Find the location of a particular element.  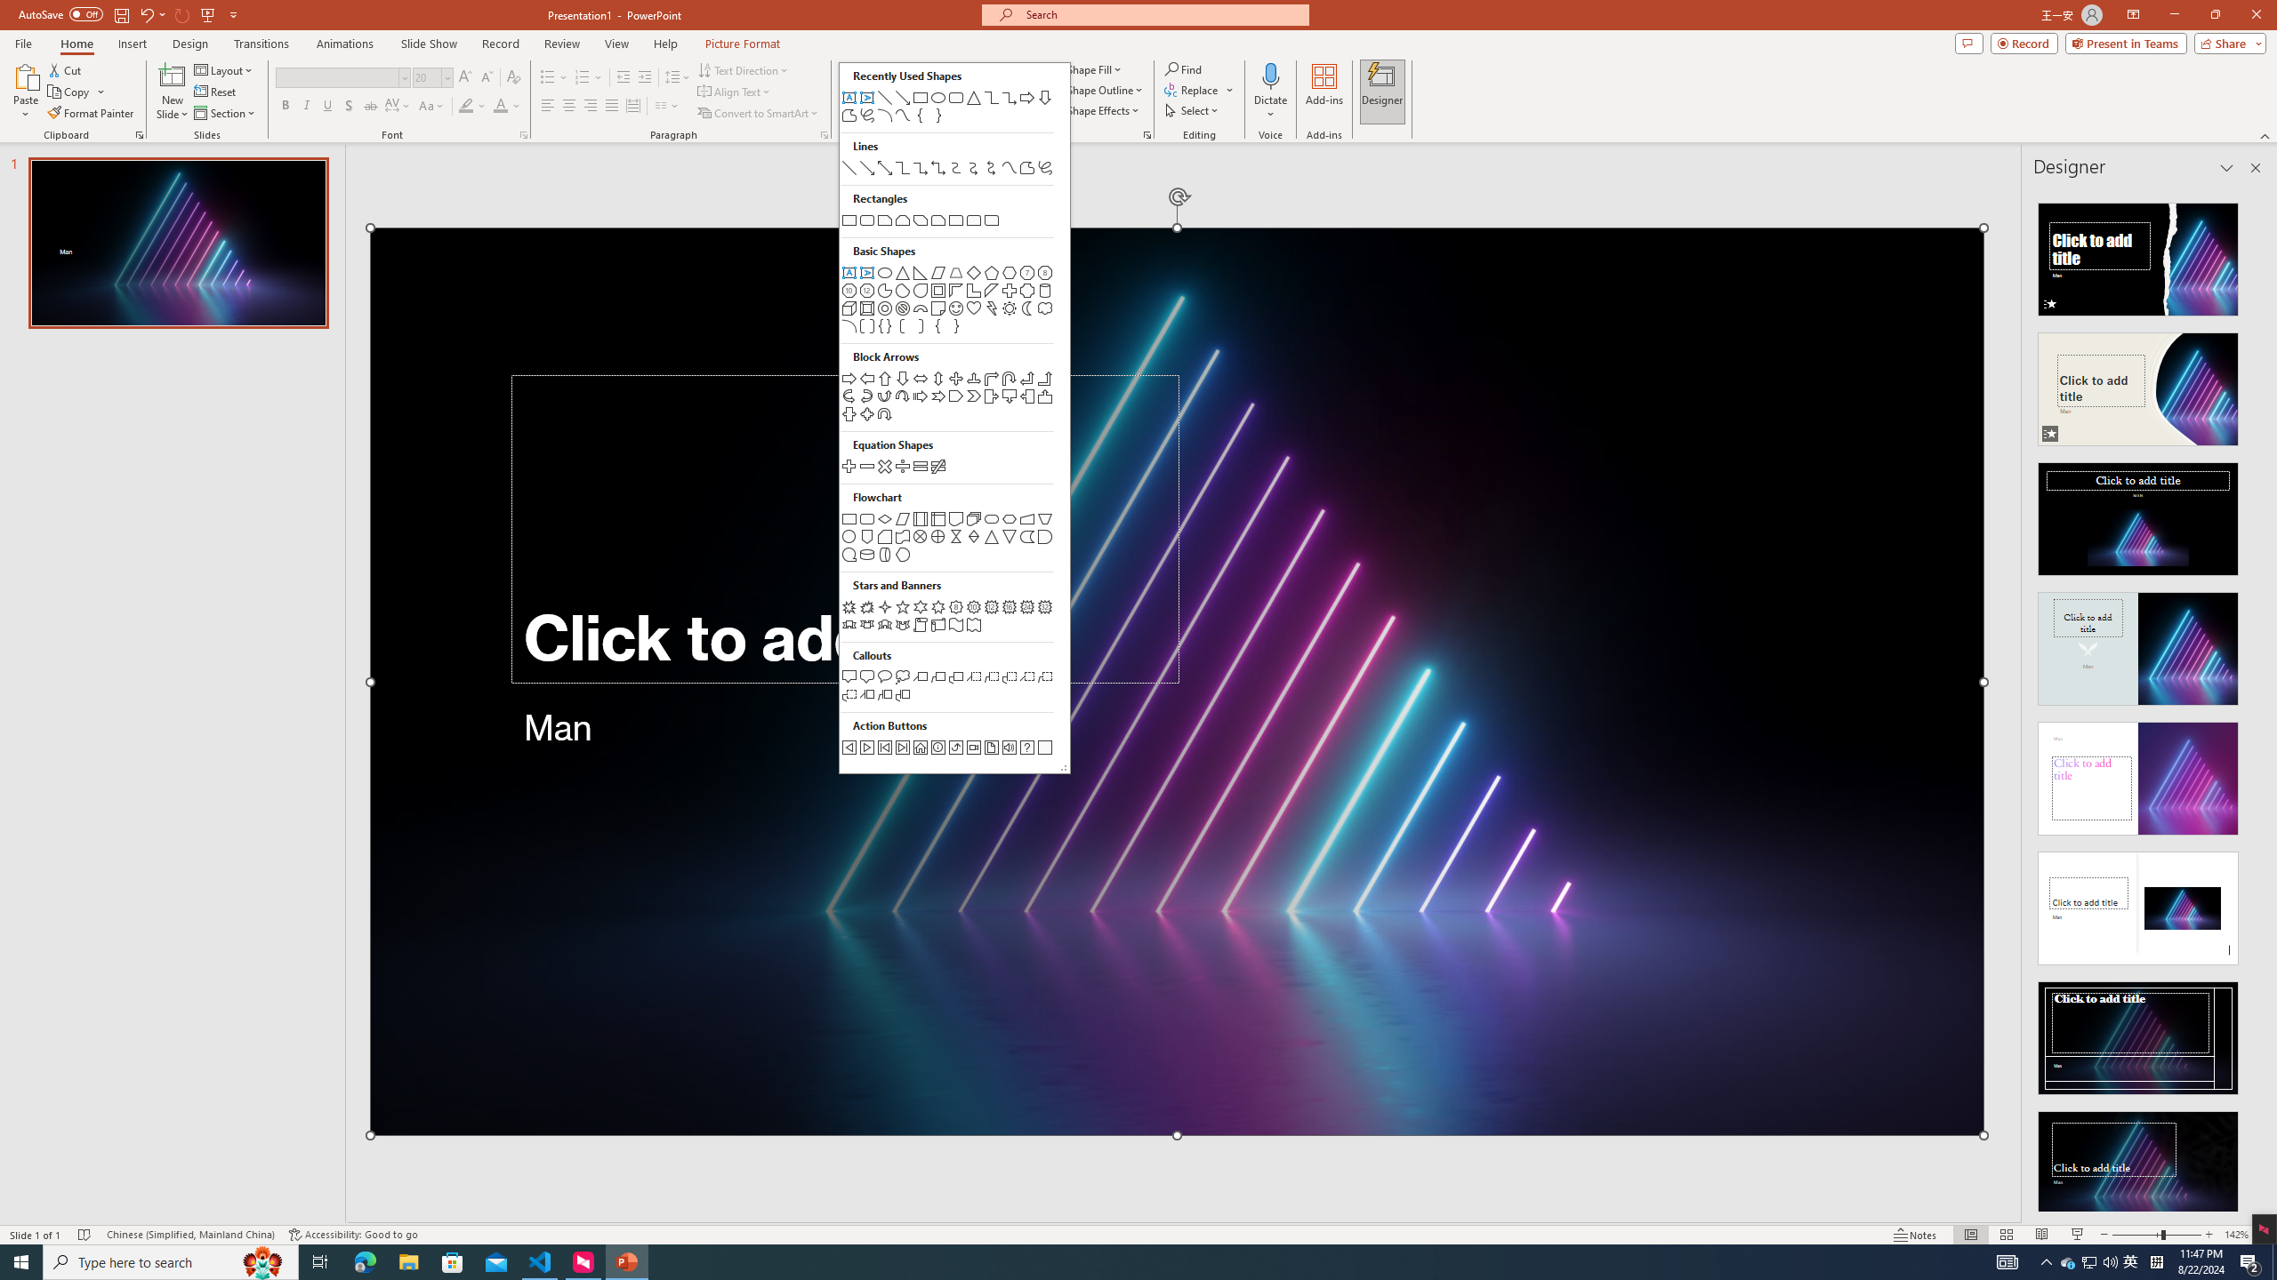

'Text Highlight Color' is located at coordinates (471, 105).